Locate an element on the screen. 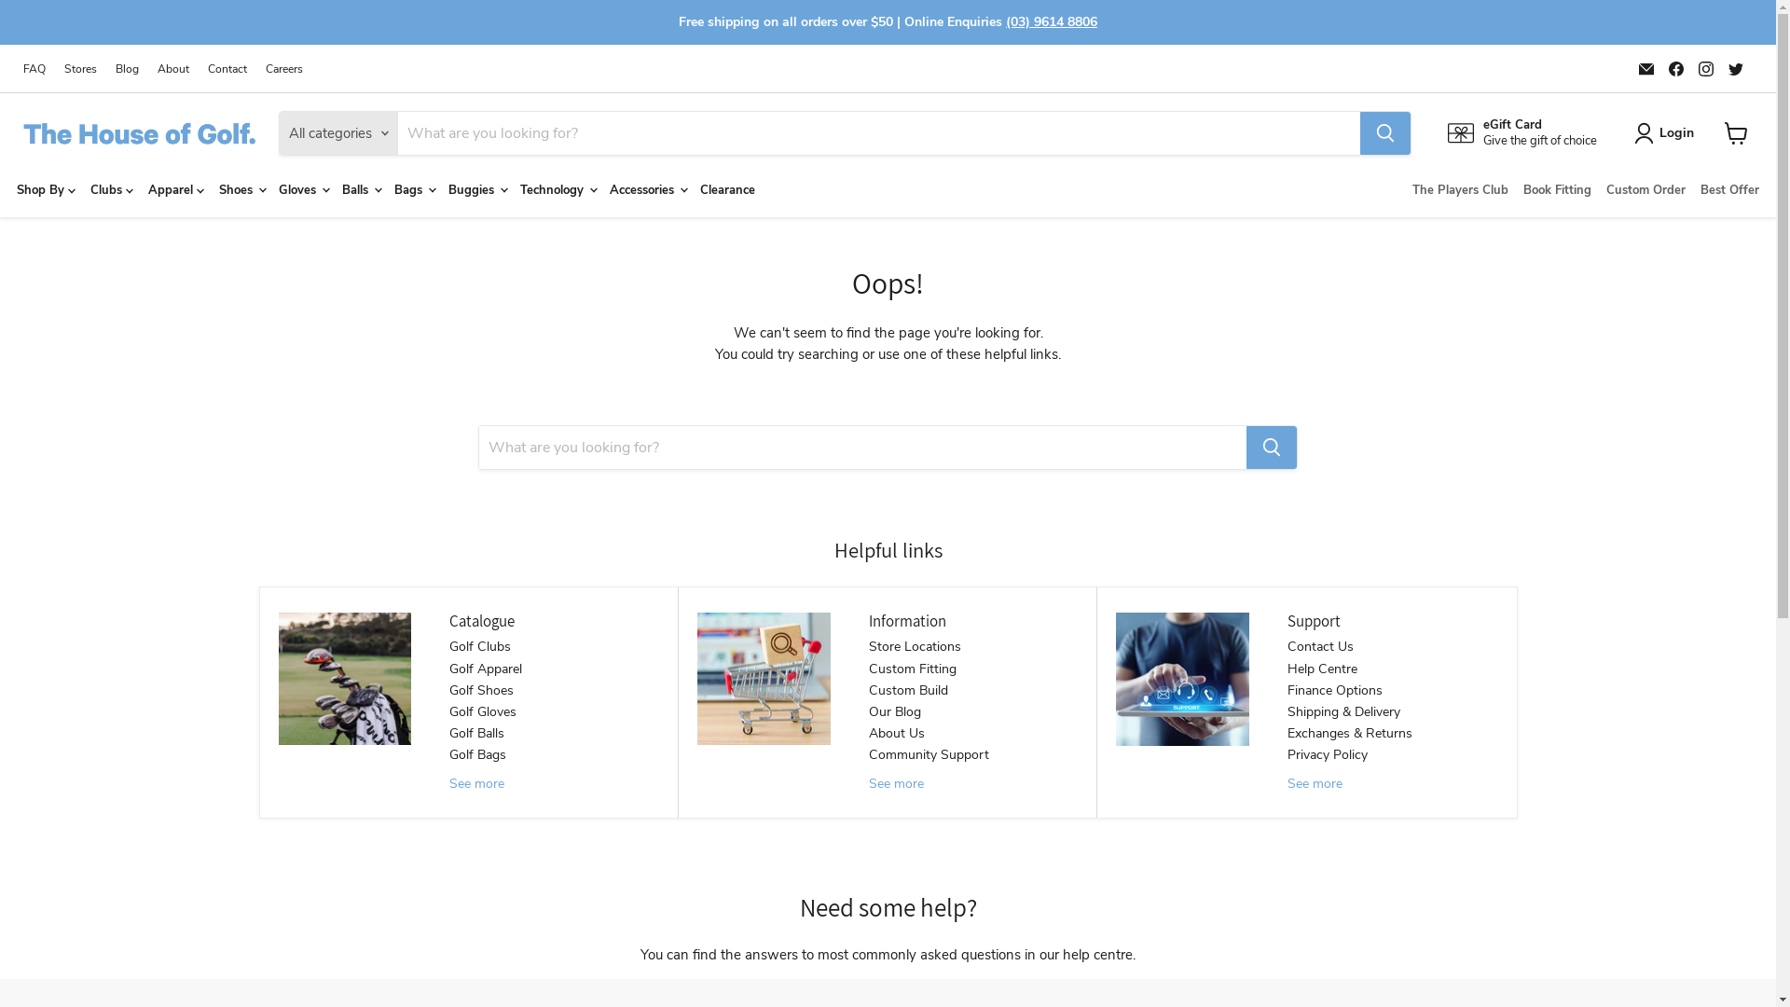 The height and width of the screenshot is (1007, 1790). 'Our Blog' is located at coordinates (867, 711).